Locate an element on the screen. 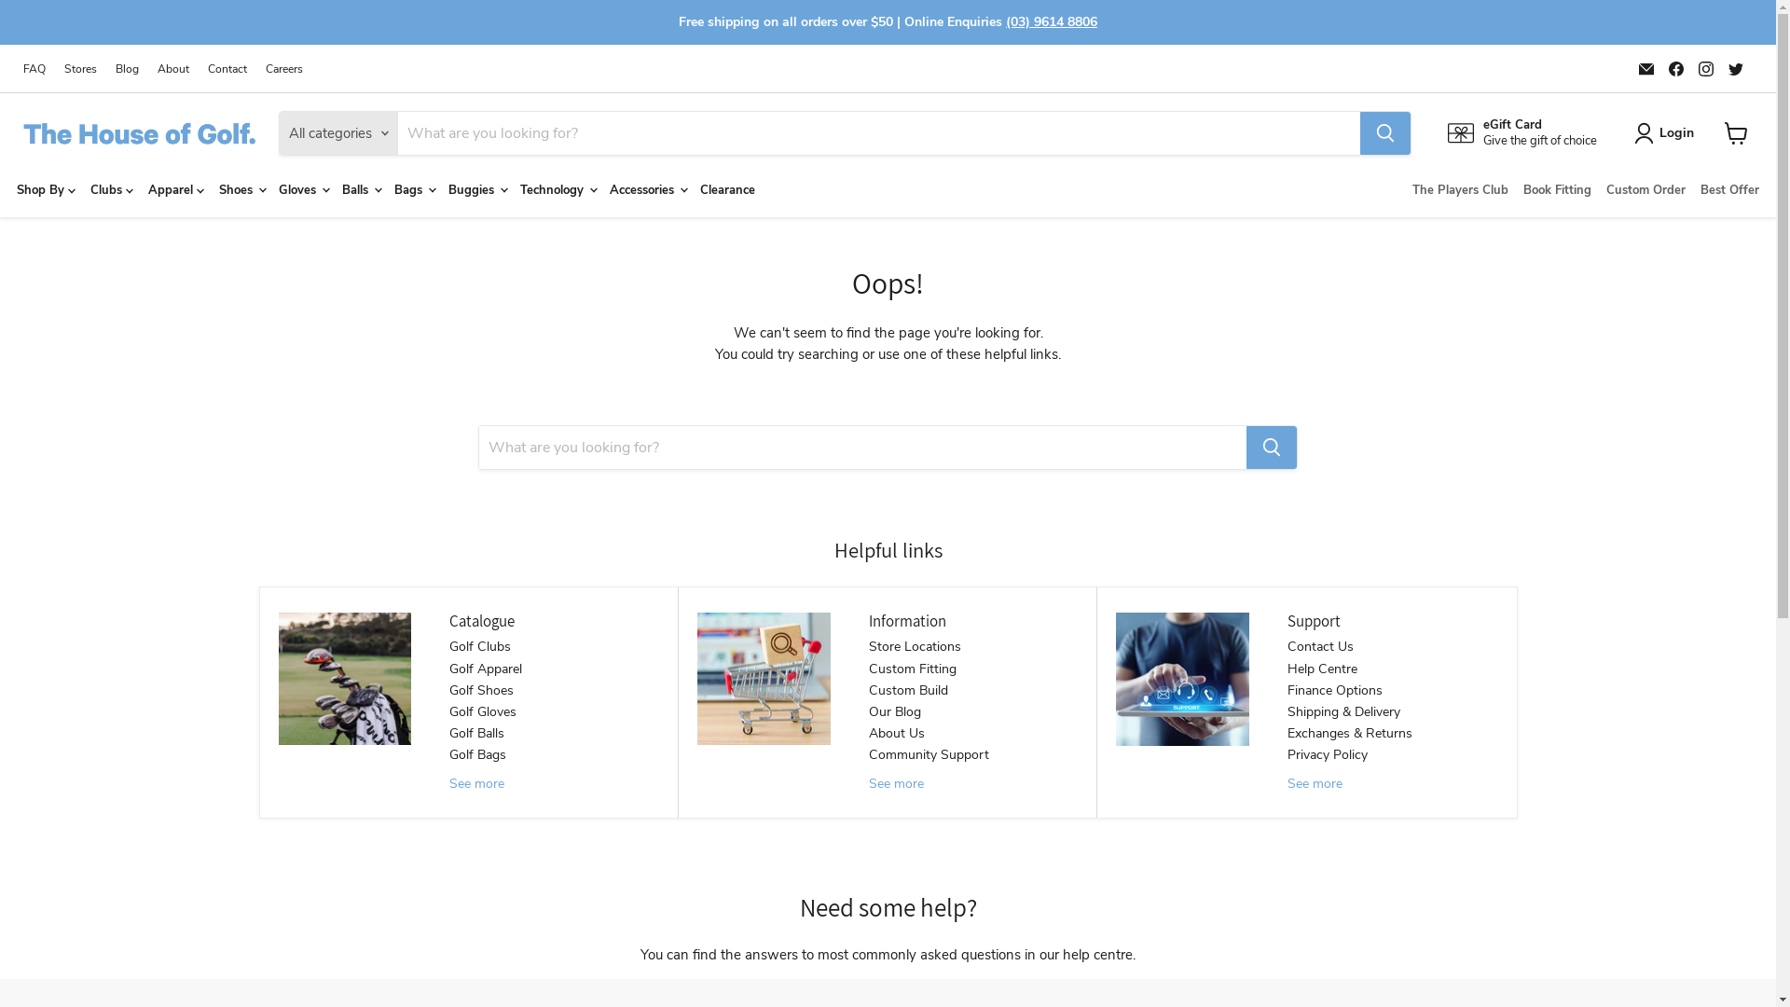 The height and width of the screenshot is (1007, 1790). 'Our Blog' is located at coordinates (867, 711).